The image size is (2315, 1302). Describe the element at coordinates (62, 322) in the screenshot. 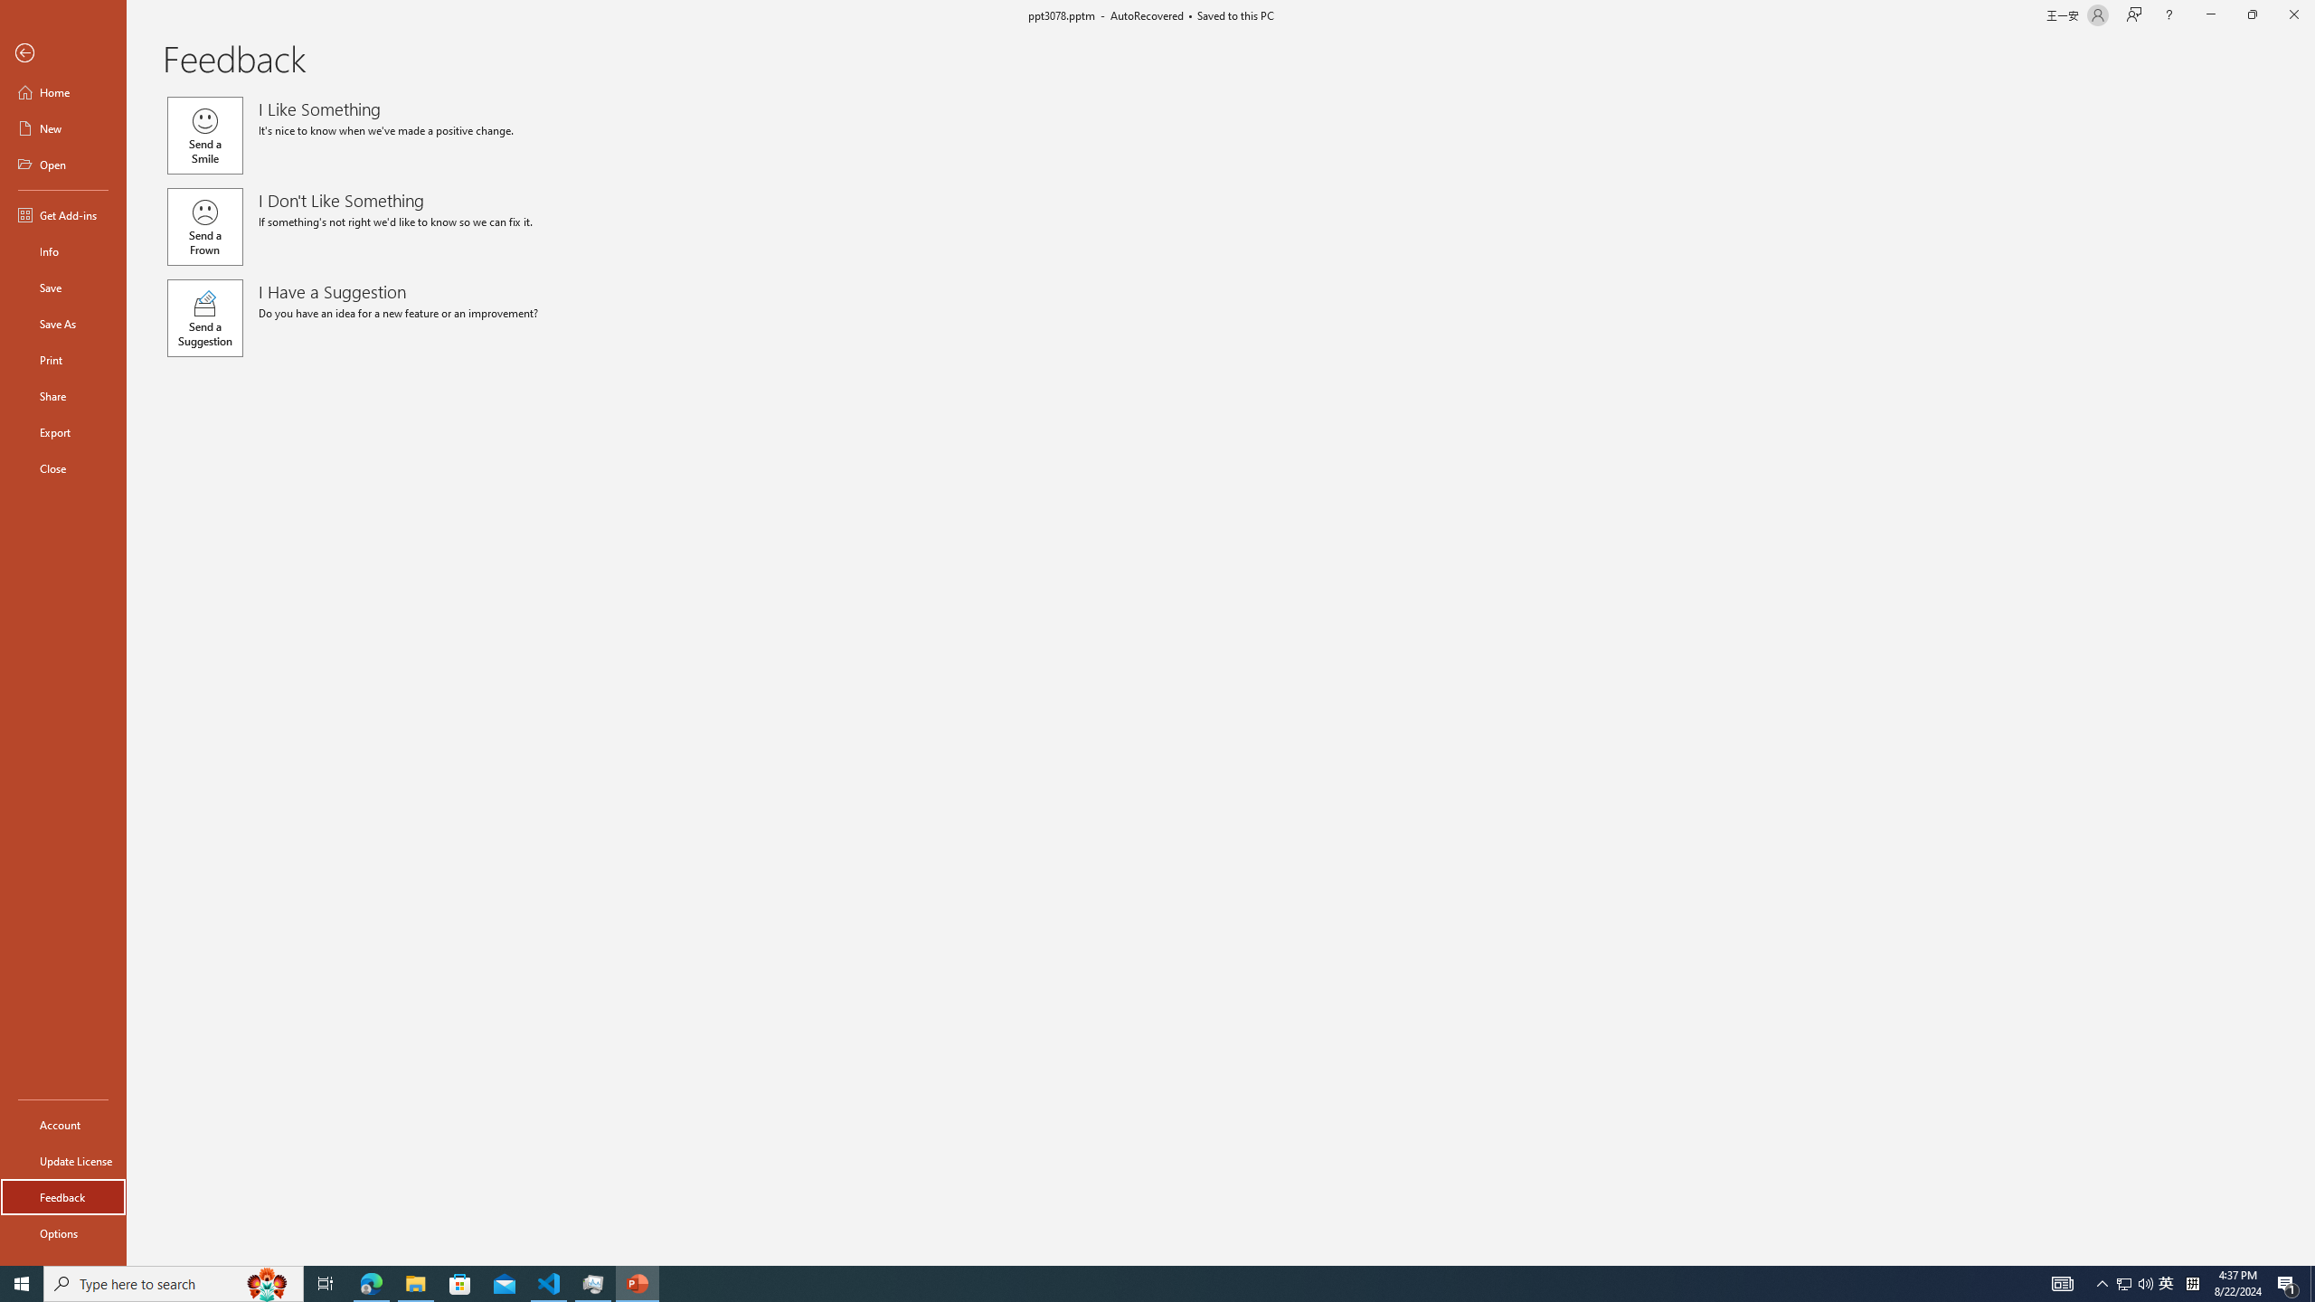

I see `'Save As'` at that location.